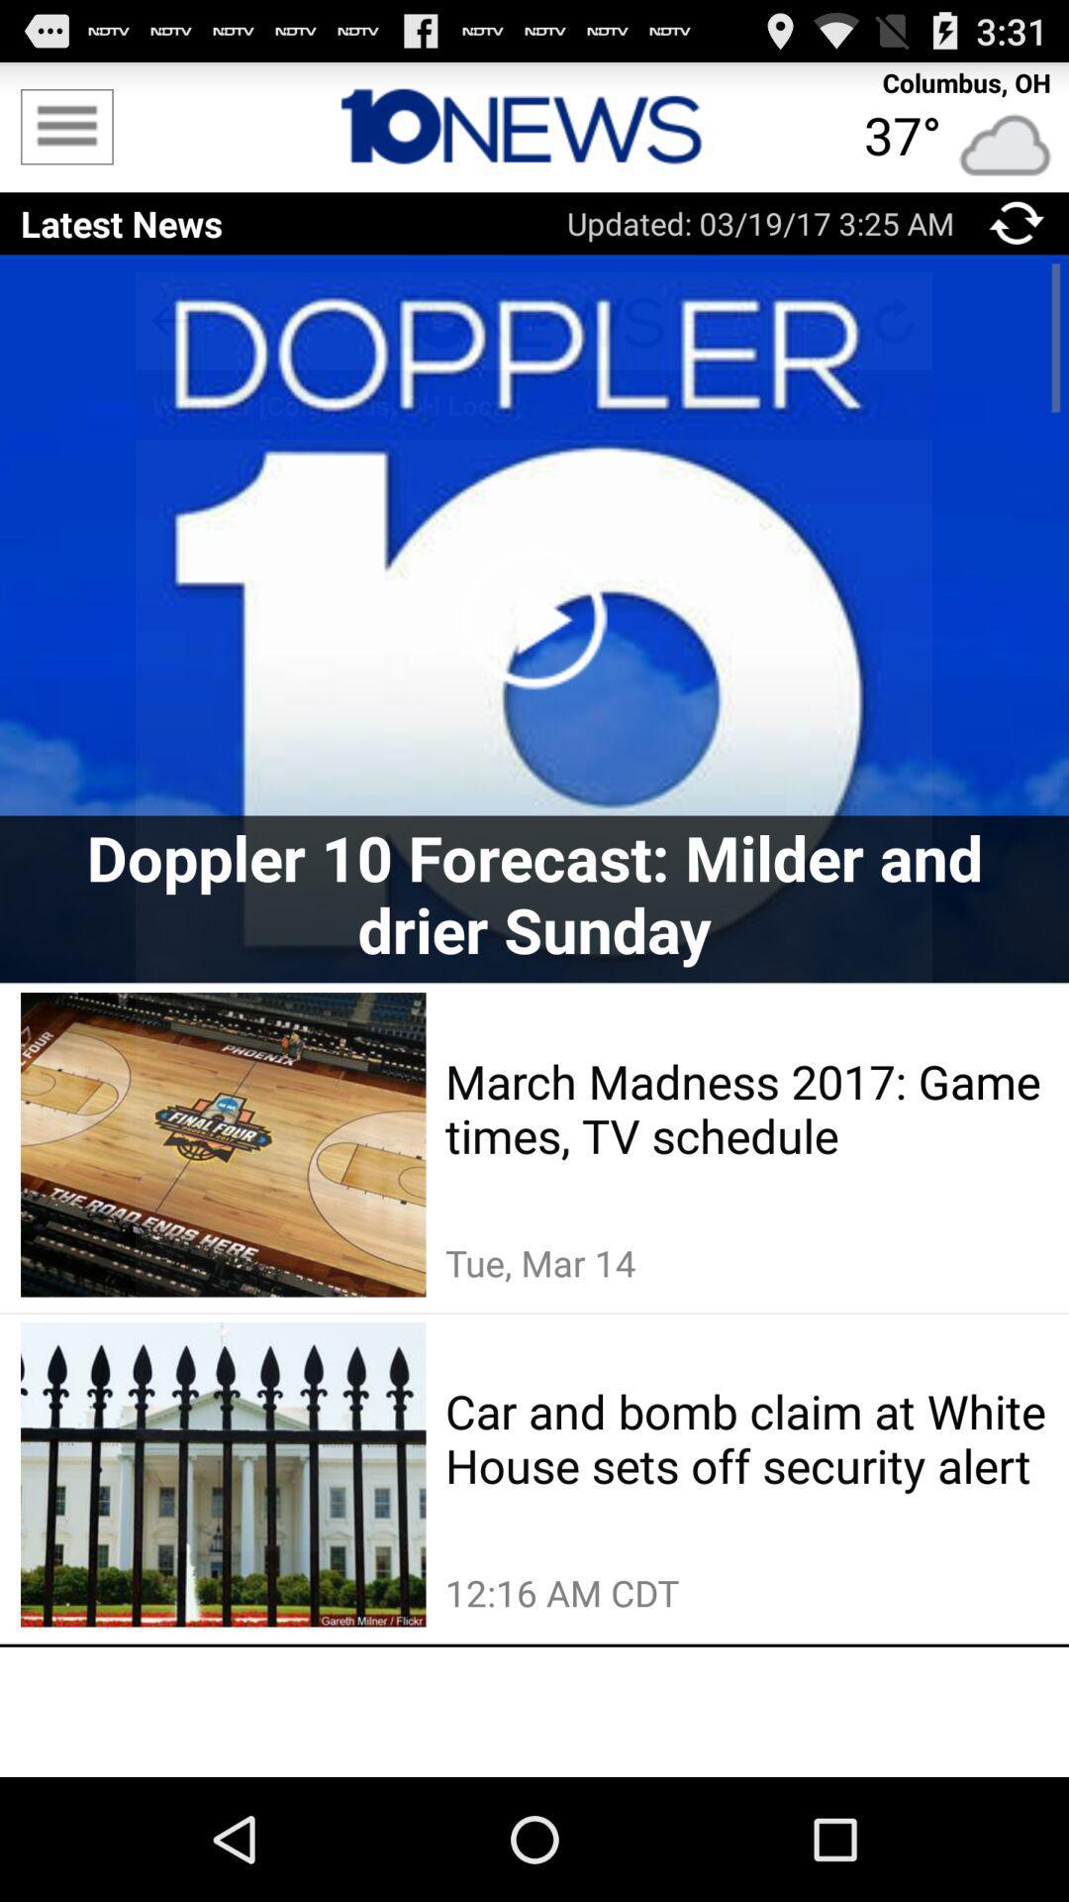 The width and height of the screenshot is (1069, 1902). I want to click on setting, so click(65, 126).